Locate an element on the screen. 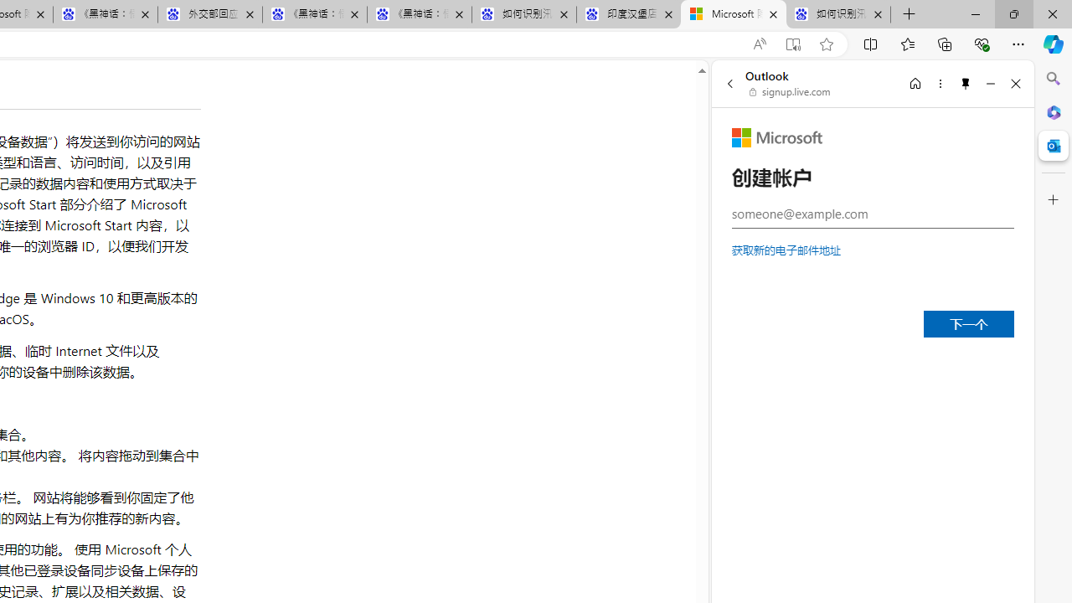 Image resolution: width=1072 pixels, height=603 pixels. 'Browser essentials' is located at coordinates (981, 43).